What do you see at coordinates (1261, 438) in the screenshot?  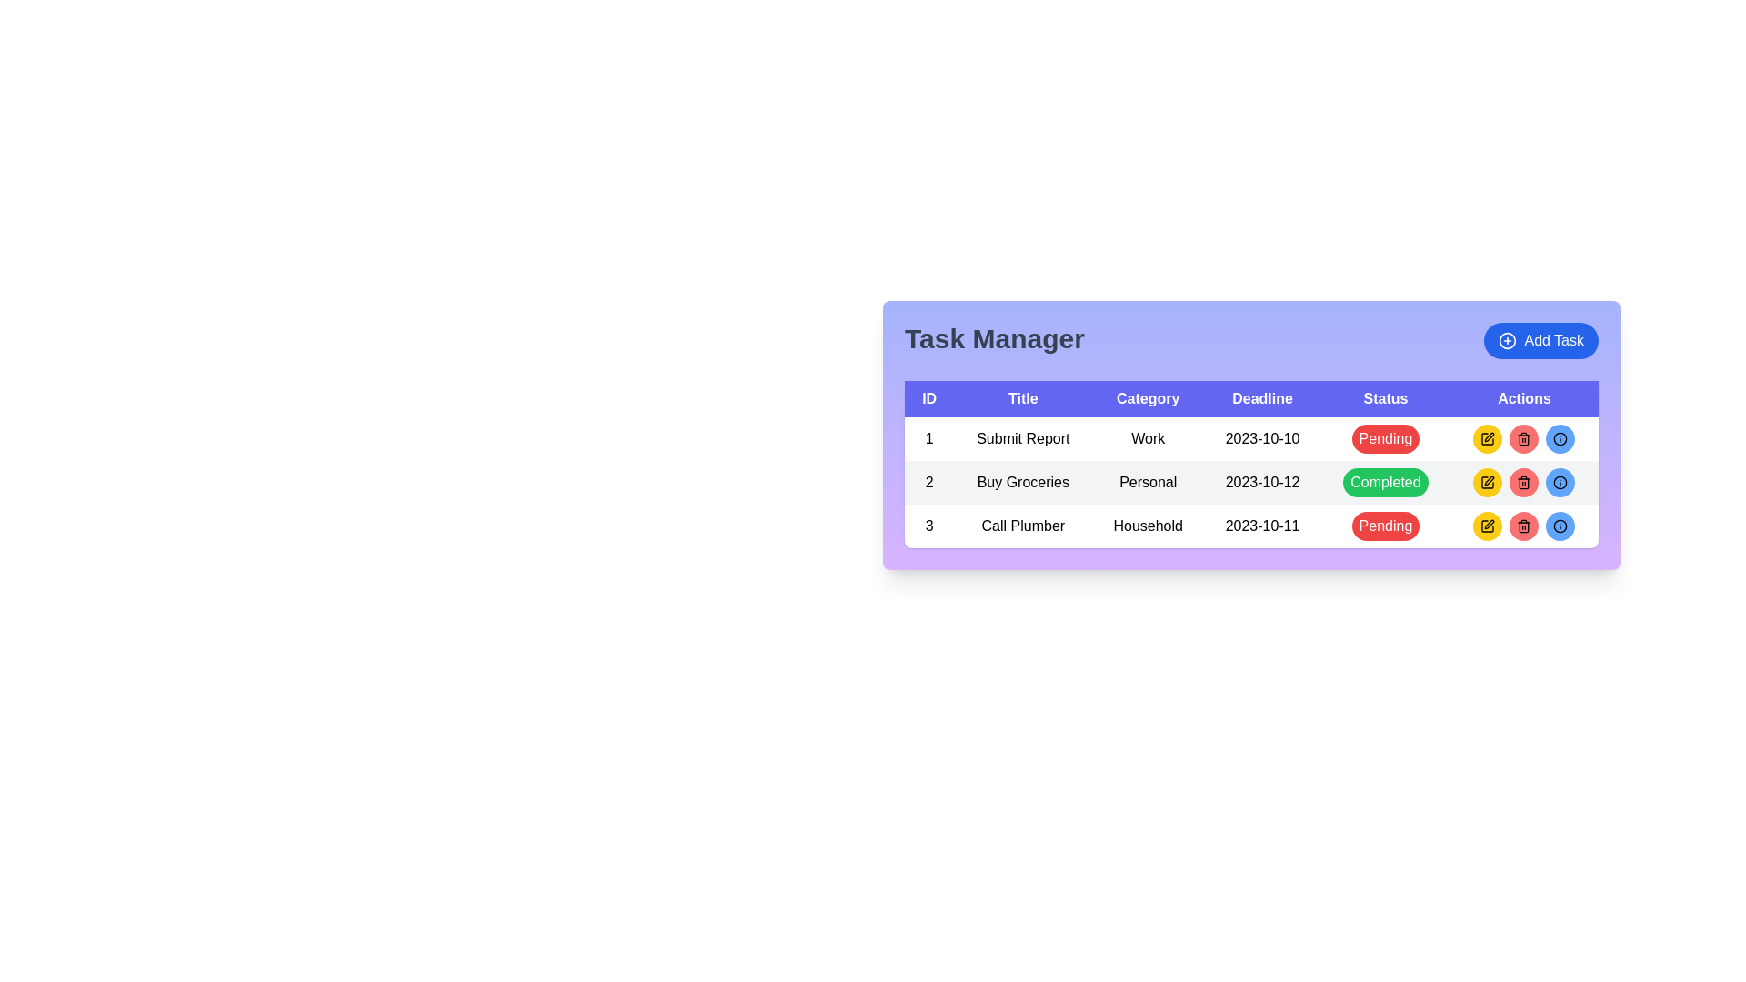 I see `the text element displaying the date '2023-10-10' located in the first row of the 'Deadline' column of the table` at bounding box center [1261, 438].